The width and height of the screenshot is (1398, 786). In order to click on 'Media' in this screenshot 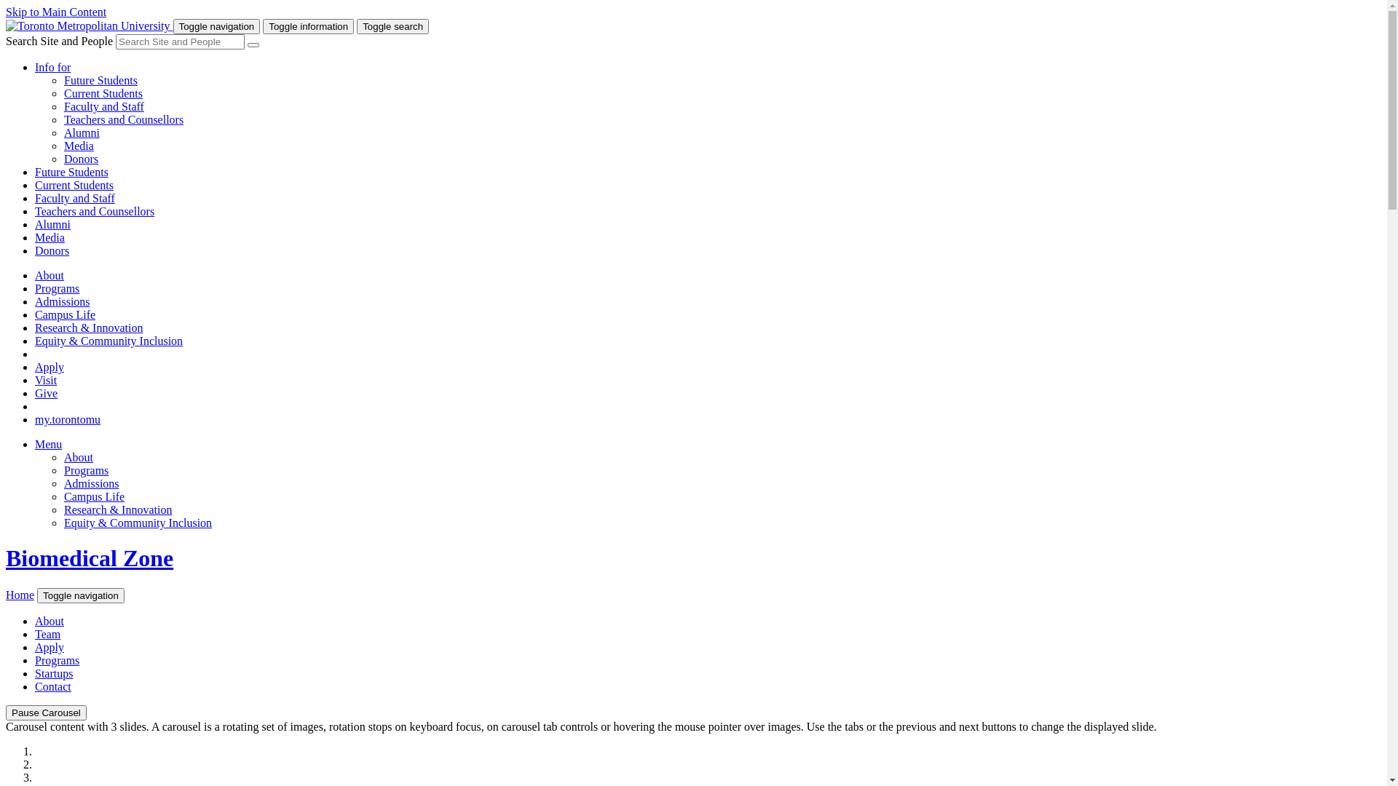, I will do `click(50, 237)`.